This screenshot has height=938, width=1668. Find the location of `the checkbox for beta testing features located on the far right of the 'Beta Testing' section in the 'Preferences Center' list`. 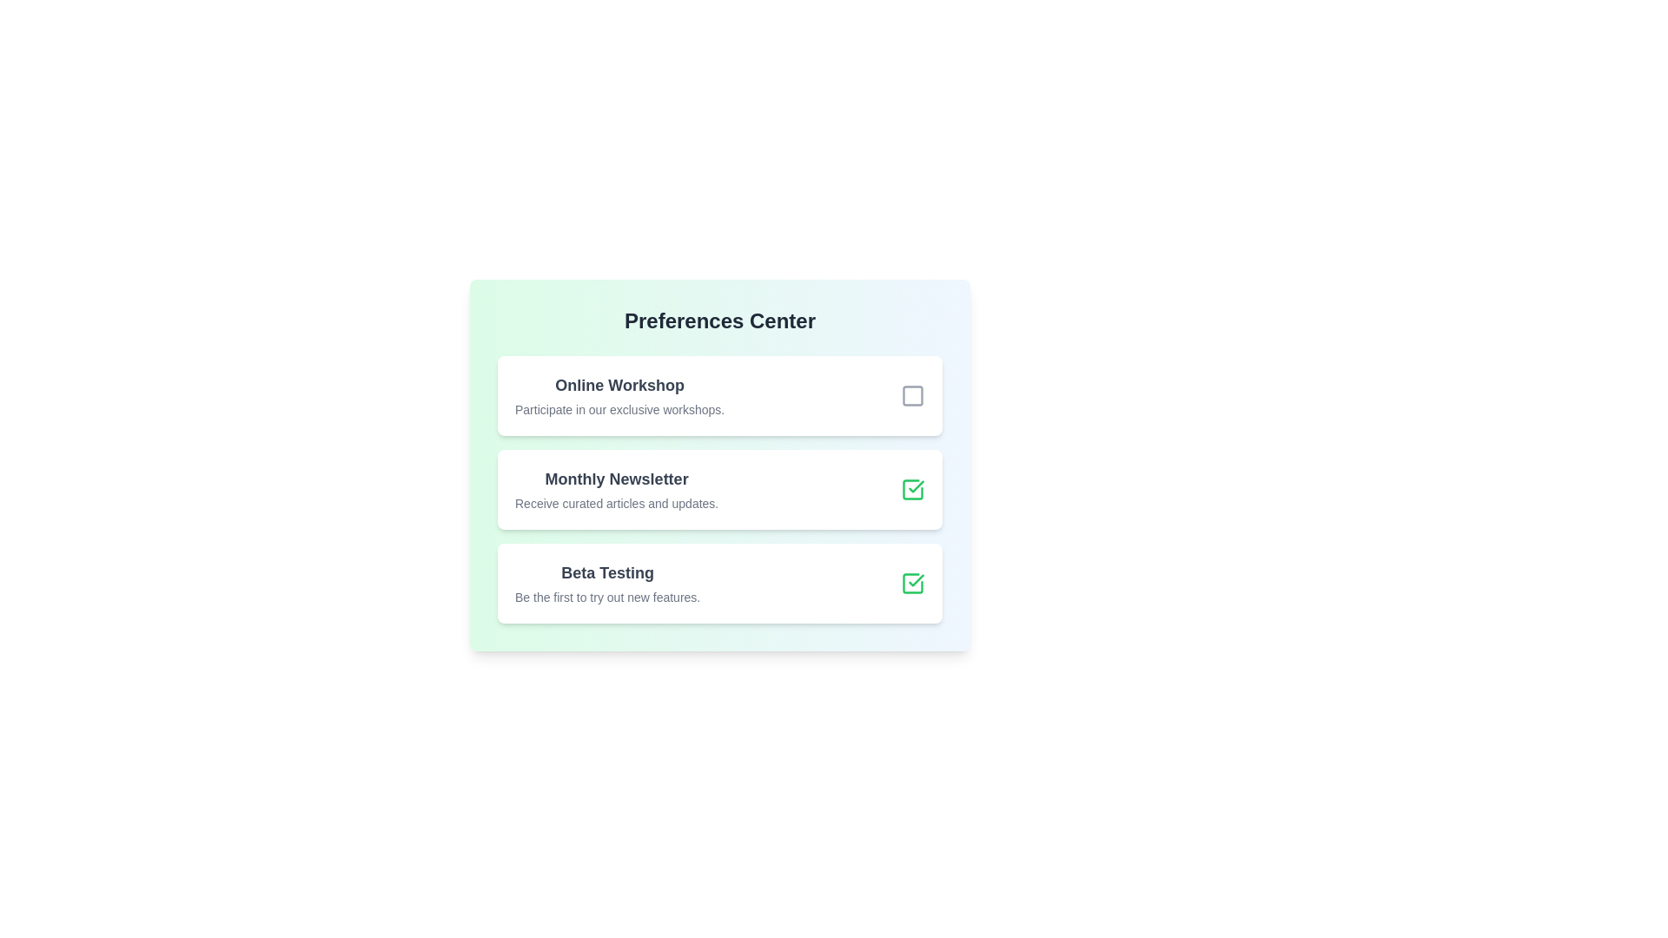

the checkbox for beta testing features located on the far right of the 'Beta Testing' section in the 'Preferences Center' list is located at coordinates (912, 583).